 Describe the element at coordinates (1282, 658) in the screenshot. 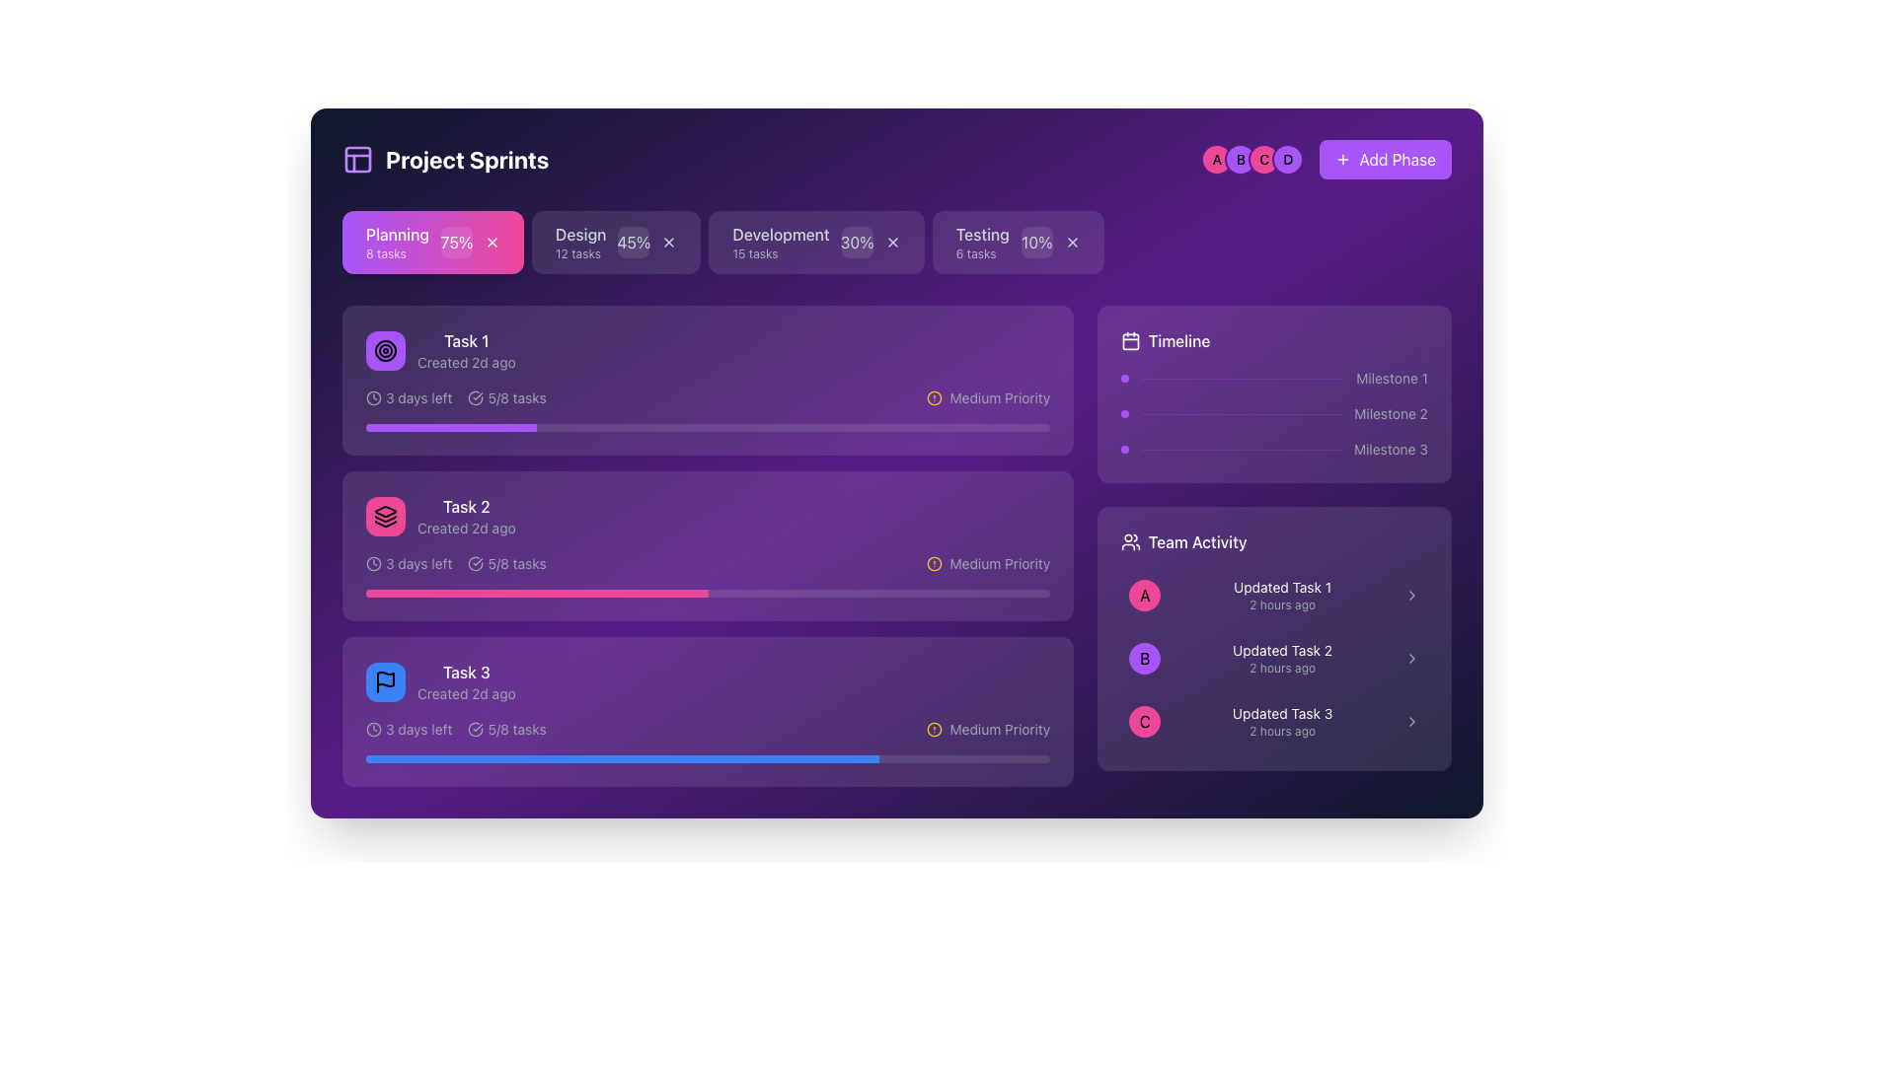

I see `the label indicating a recent activity update ('Updated Task 2') with the timestamp ('2 hours ago') in the 'Team Activity' section` at that location.